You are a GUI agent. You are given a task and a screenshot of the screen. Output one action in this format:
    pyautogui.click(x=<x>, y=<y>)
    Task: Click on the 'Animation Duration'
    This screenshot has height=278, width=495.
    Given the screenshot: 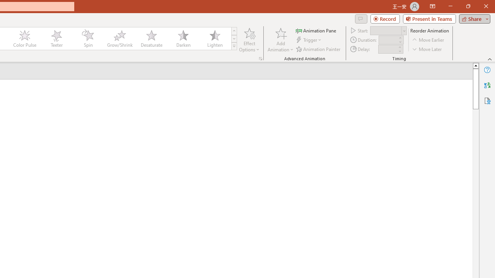 What is the action you would take?
    pyautogui.click(x=388, y=40)
    